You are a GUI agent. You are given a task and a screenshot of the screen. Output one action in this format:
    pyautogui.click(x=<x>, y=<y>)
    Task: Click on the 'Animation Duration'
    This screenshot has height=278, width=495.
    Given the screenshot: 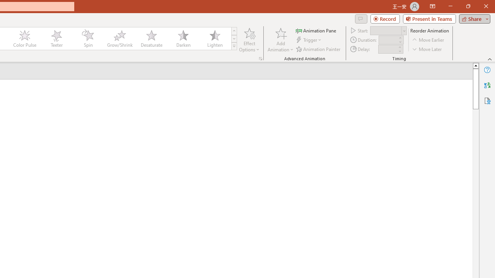 What is the action you would take?
    pyautogui.click(x=388, y=40)
    